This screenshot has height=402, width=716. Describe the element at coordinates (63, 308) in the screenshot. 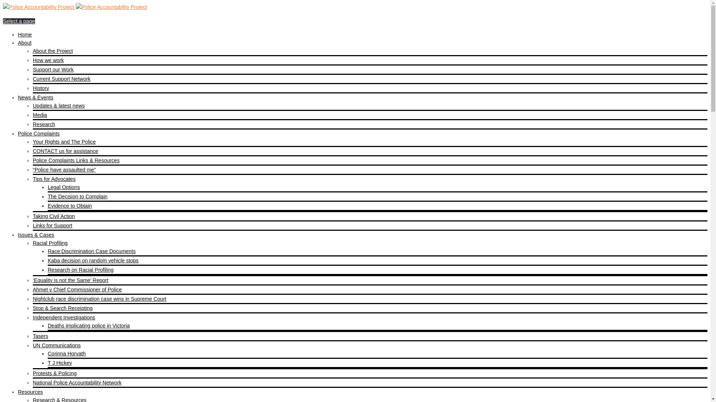

I see `'Stop & Search Receipting'` at that location.